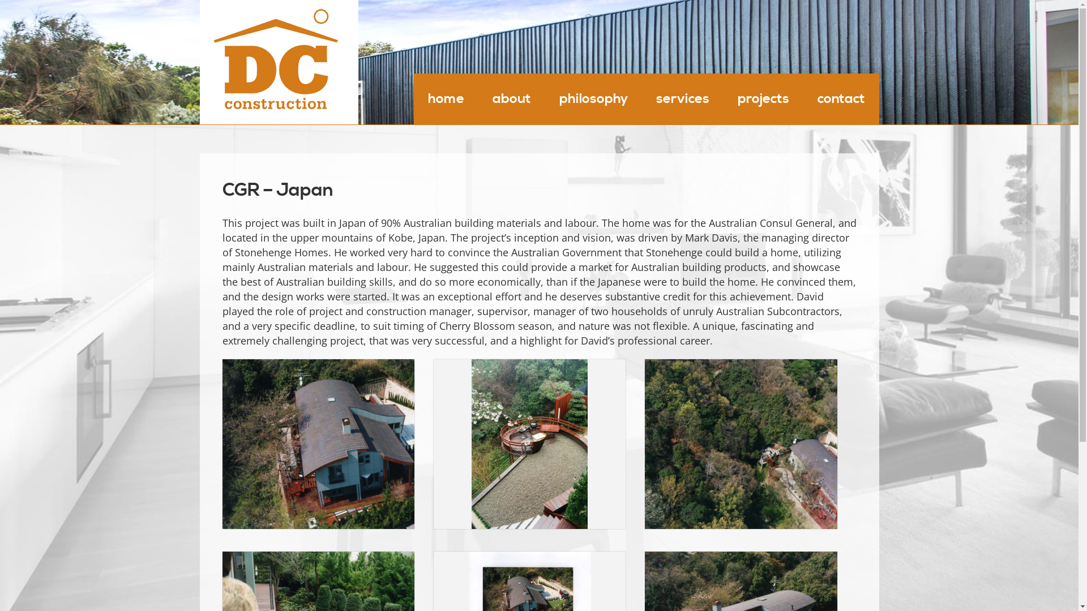 The height and width of the screenshot is (611, 1087). Describe the element at coordinates (478, 98) in the screenshot. I see `'about'` at that location.